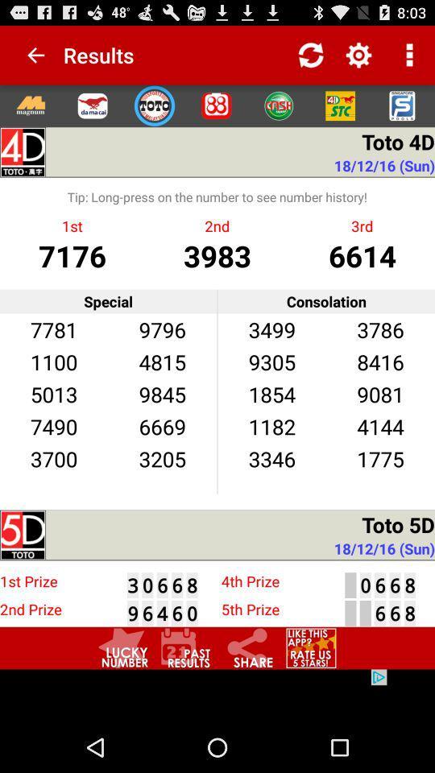  I want to click on open bottom page advertisement, so click(217, 695).